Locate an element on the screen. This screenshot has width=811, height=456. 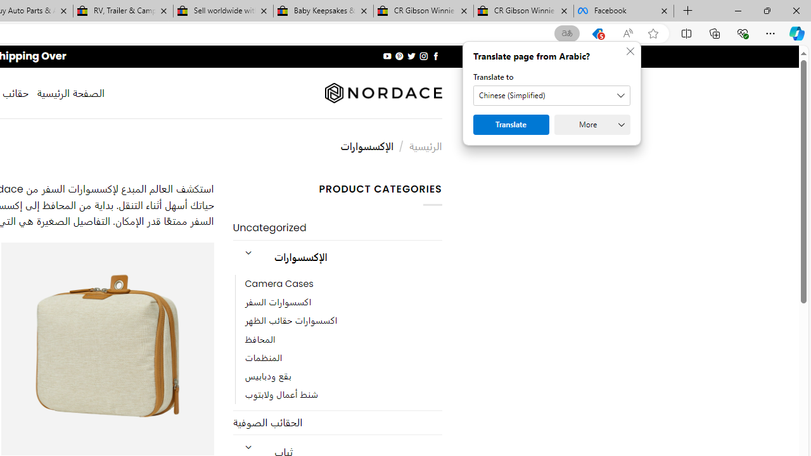
'More' is located at coordinates (592, 124).